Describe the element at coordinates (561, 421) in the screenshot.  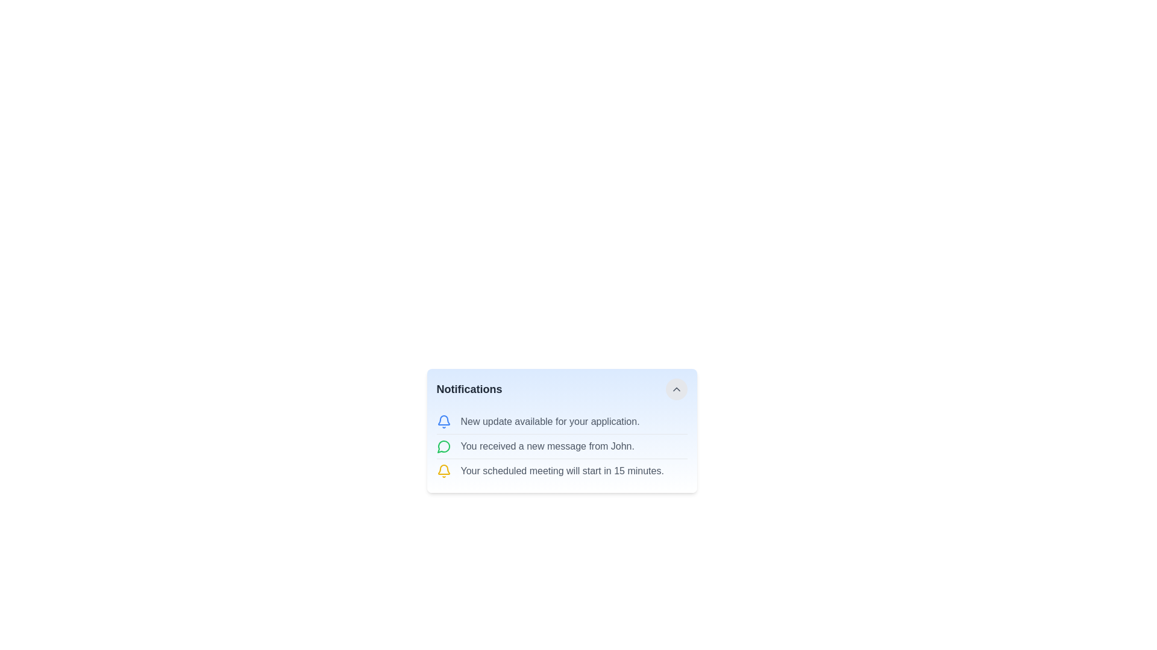
I see `the notification item displaying the text 'New update available for your application.' which is the first item in the notifications list` at that location.